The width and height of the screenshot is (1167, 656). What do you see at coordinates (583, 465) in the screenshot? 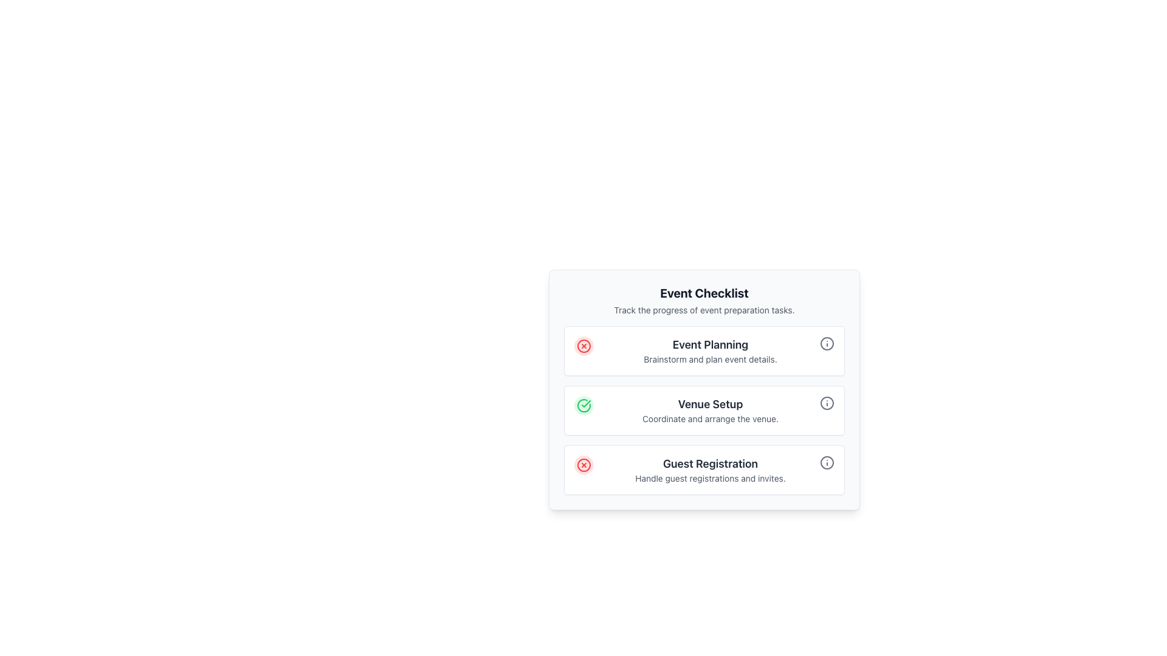
I see `the icon that indicates a task as incomplete or problematic, located in the bottom segment of the list preceding the text 'Guest Registration'` at bounding box center [583, 465].